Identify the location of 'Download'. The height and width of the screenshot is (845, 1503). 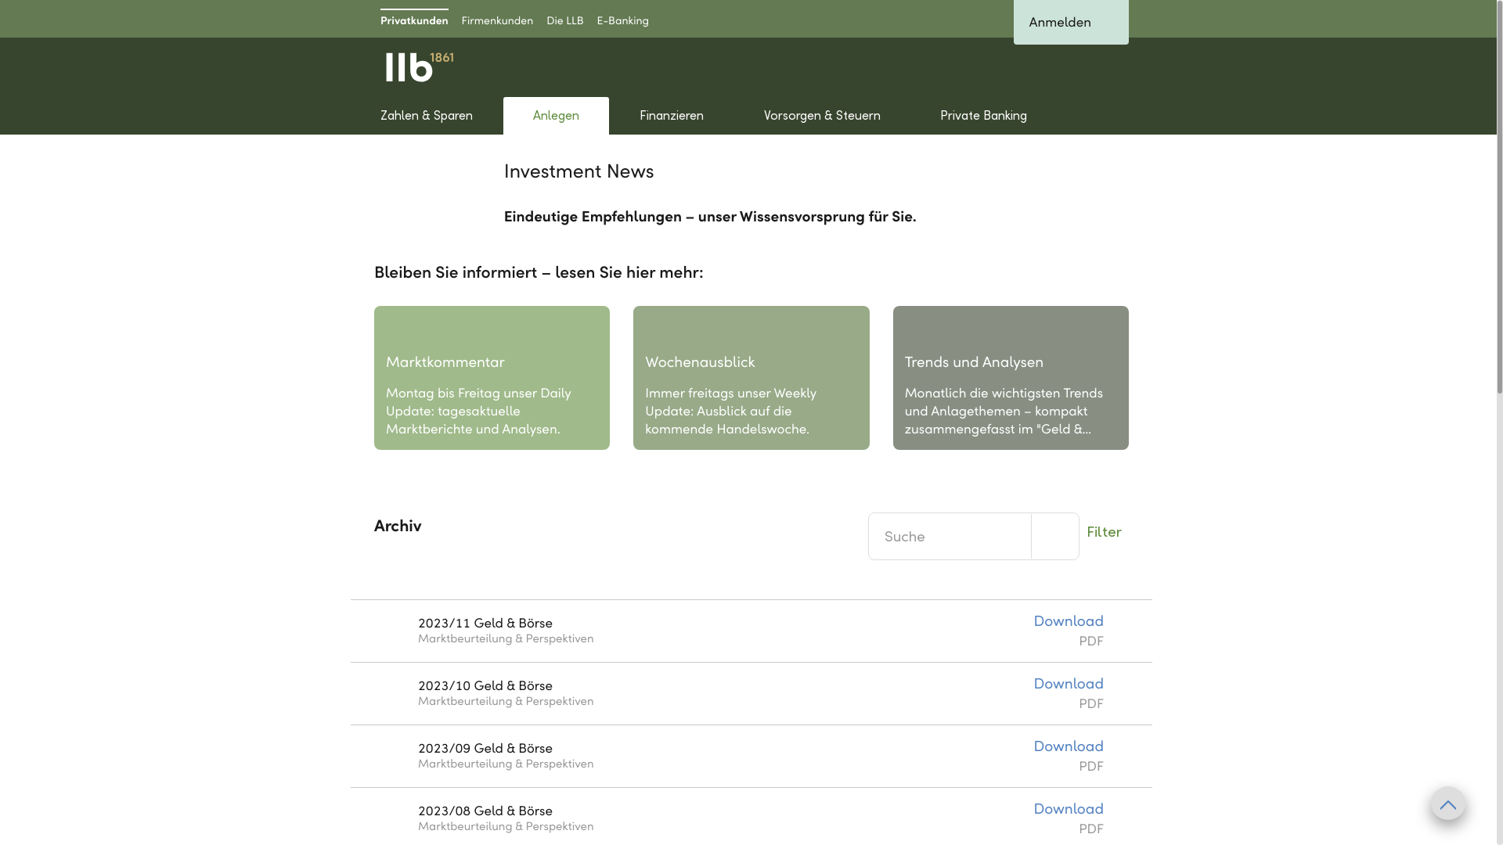
(1067, 684).